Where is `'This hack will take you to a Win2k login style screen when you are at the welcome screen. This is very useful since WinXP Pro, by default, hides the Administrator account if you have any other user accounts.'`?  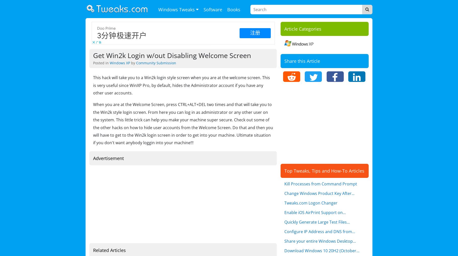 'This hack will take you to a Win2k login style screen when you are at the welcome screen. This is very useful since WinXP Pro, by default, hides the Administrator account if you have any other user accounts.' is located at coordinates (93, 85).